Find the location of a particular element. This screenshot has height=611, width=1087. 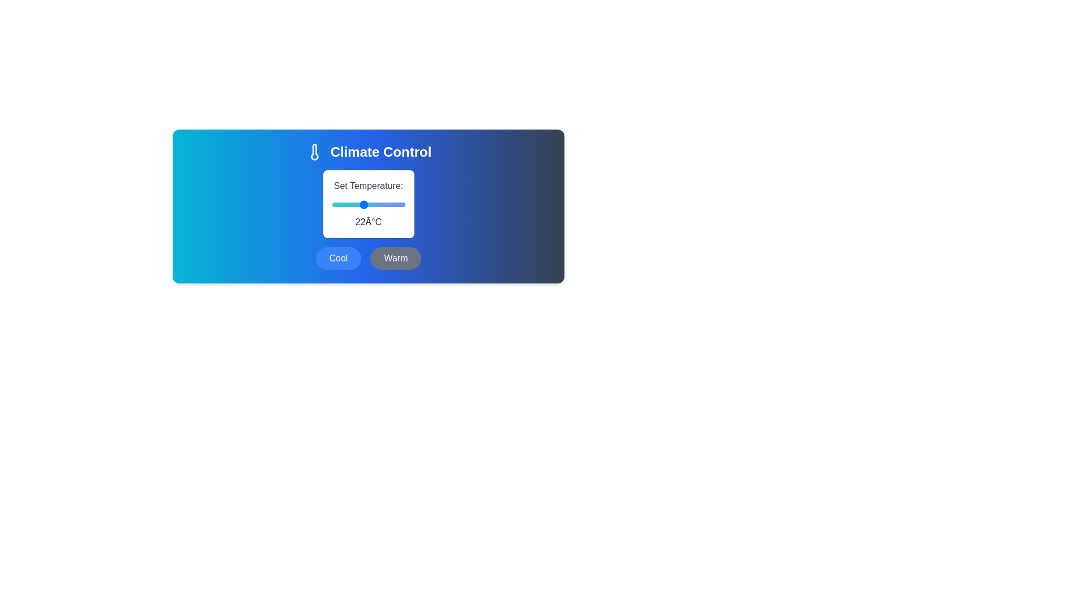

the 'Cool' button, which has a blue background and white text is located at coordinates (337, 258).